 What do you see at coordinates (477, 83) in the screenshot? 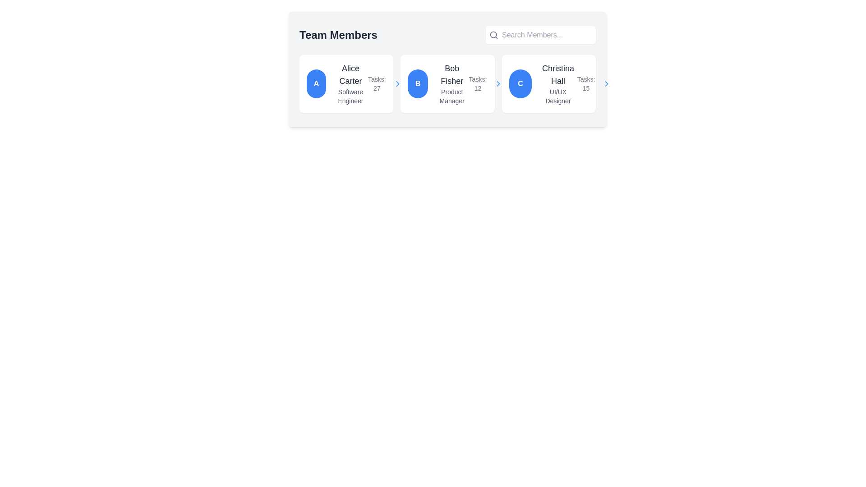
I see `text content of the task display located below the title text 'Bob Fisher' in the second card of the team member overview` at bounding box center [477, 83].